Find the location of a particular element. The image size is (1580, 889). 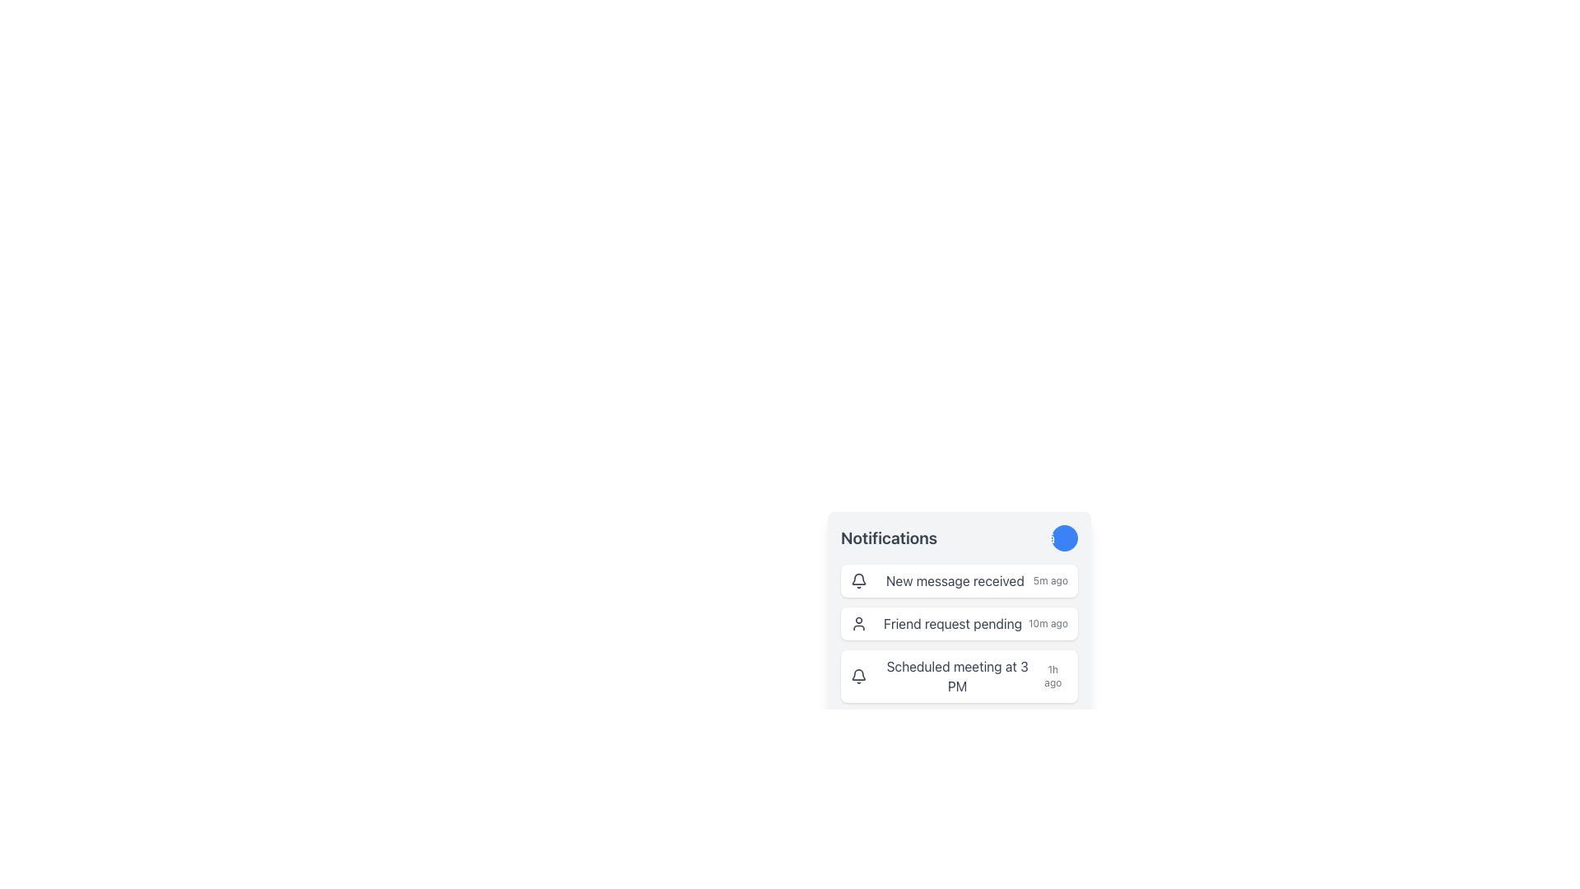

timestamp text label located in the bottom-right corner of the notification card displaying 'Friend request pending' is located at coordinates (1048, 624).